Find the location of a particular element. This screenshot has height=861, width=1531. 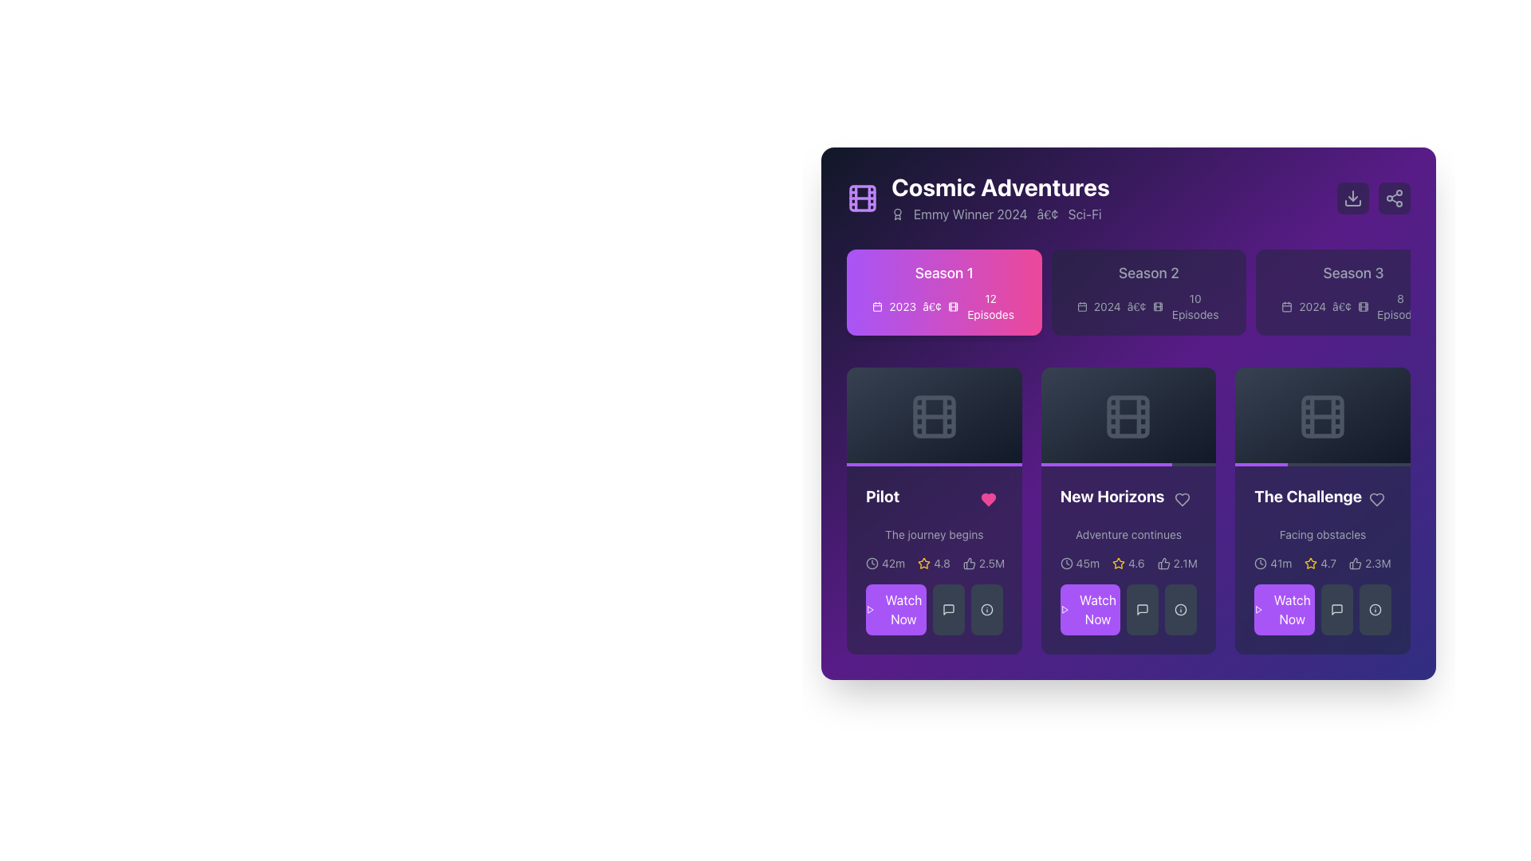

the leftmost button is located at coordinates (1373, 198).